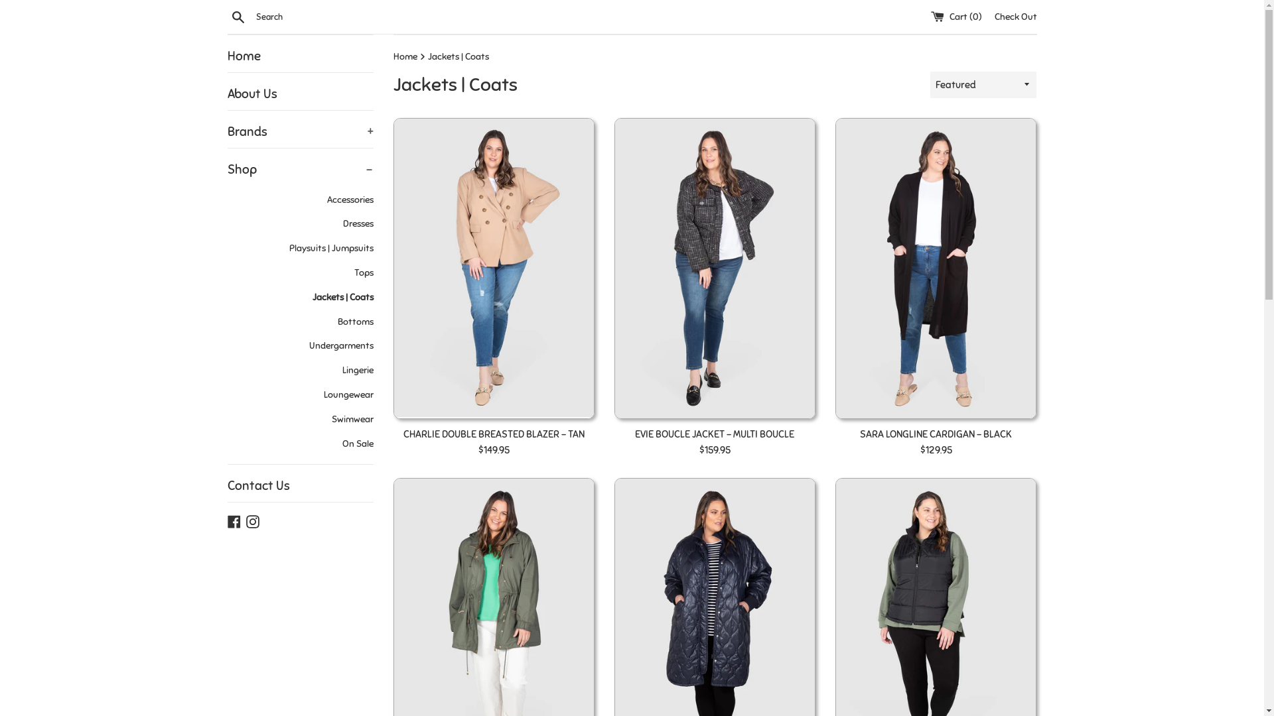 This screenshot has width=1274, height=716. Describe the element at coordinates (299, 272) in the screenshot. I see `'Tops'` at that location.